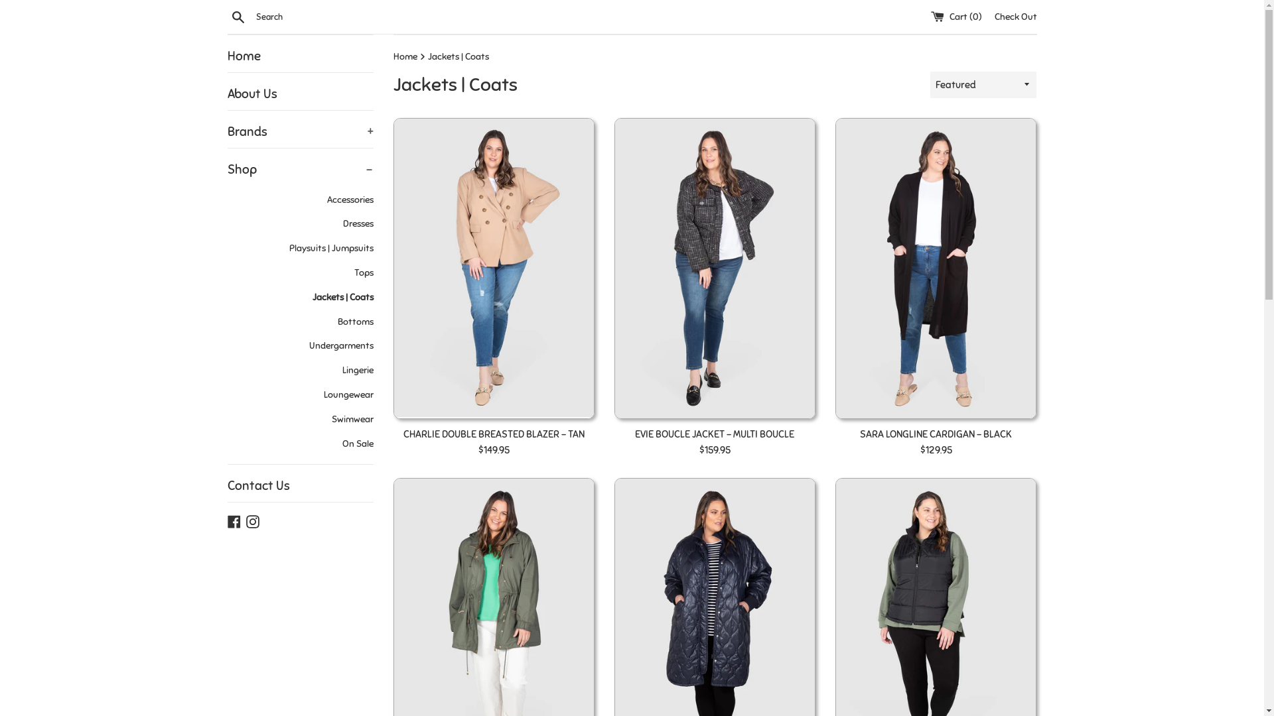 This screenshot has width=1274, height=716. Describe the element at coordinates (299, 272) in the screenshot. I see `'Tops'` at that location.